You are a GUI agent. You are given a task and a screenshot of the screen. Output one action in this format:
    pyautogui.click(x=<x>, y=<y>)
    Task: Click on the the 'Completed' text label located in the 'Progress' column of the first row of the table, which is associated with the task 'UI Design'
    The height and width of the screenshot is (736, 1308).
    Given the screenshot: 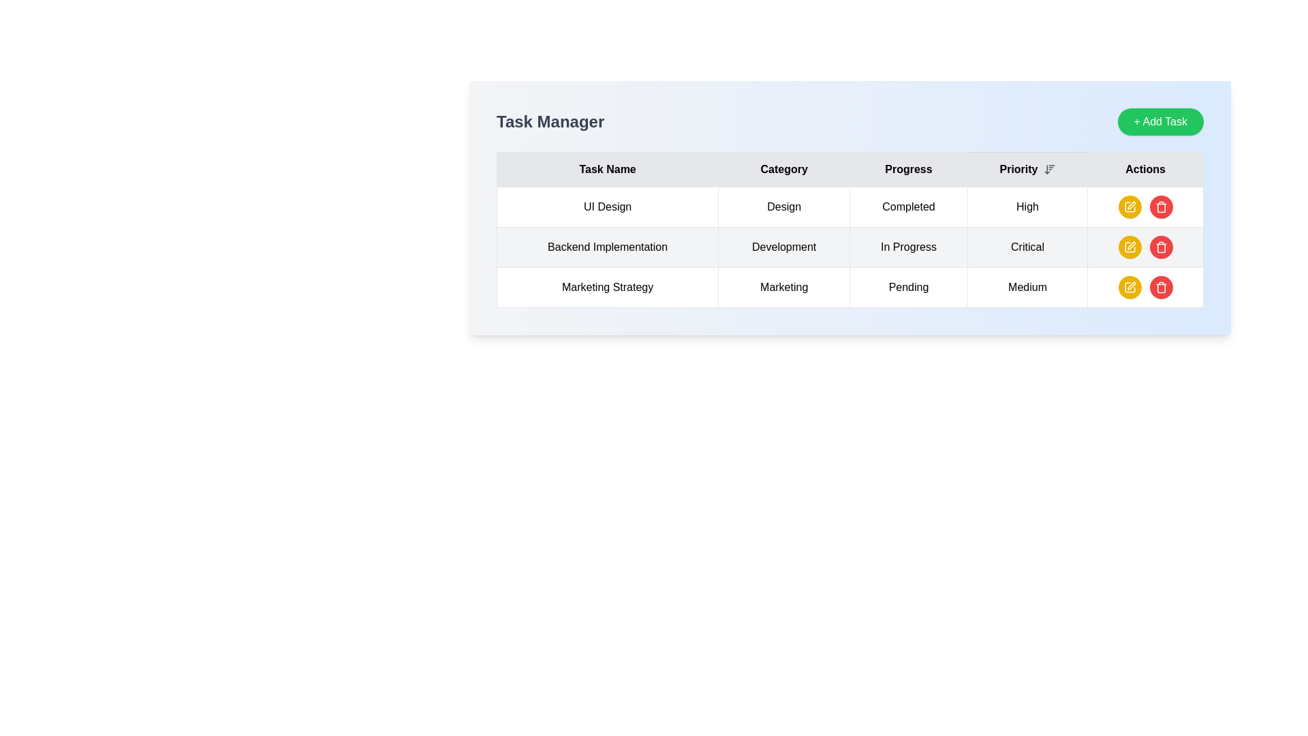 What is the action you would take?
    pyautogui.click(x=909, y=207)
    